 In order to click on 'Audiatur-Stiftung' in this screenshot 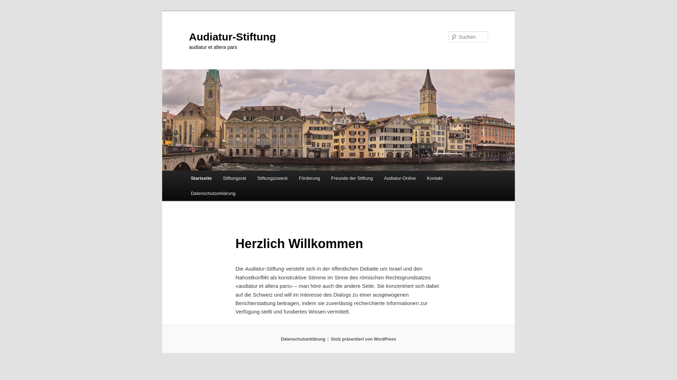, I will do `click(189, 37)`.